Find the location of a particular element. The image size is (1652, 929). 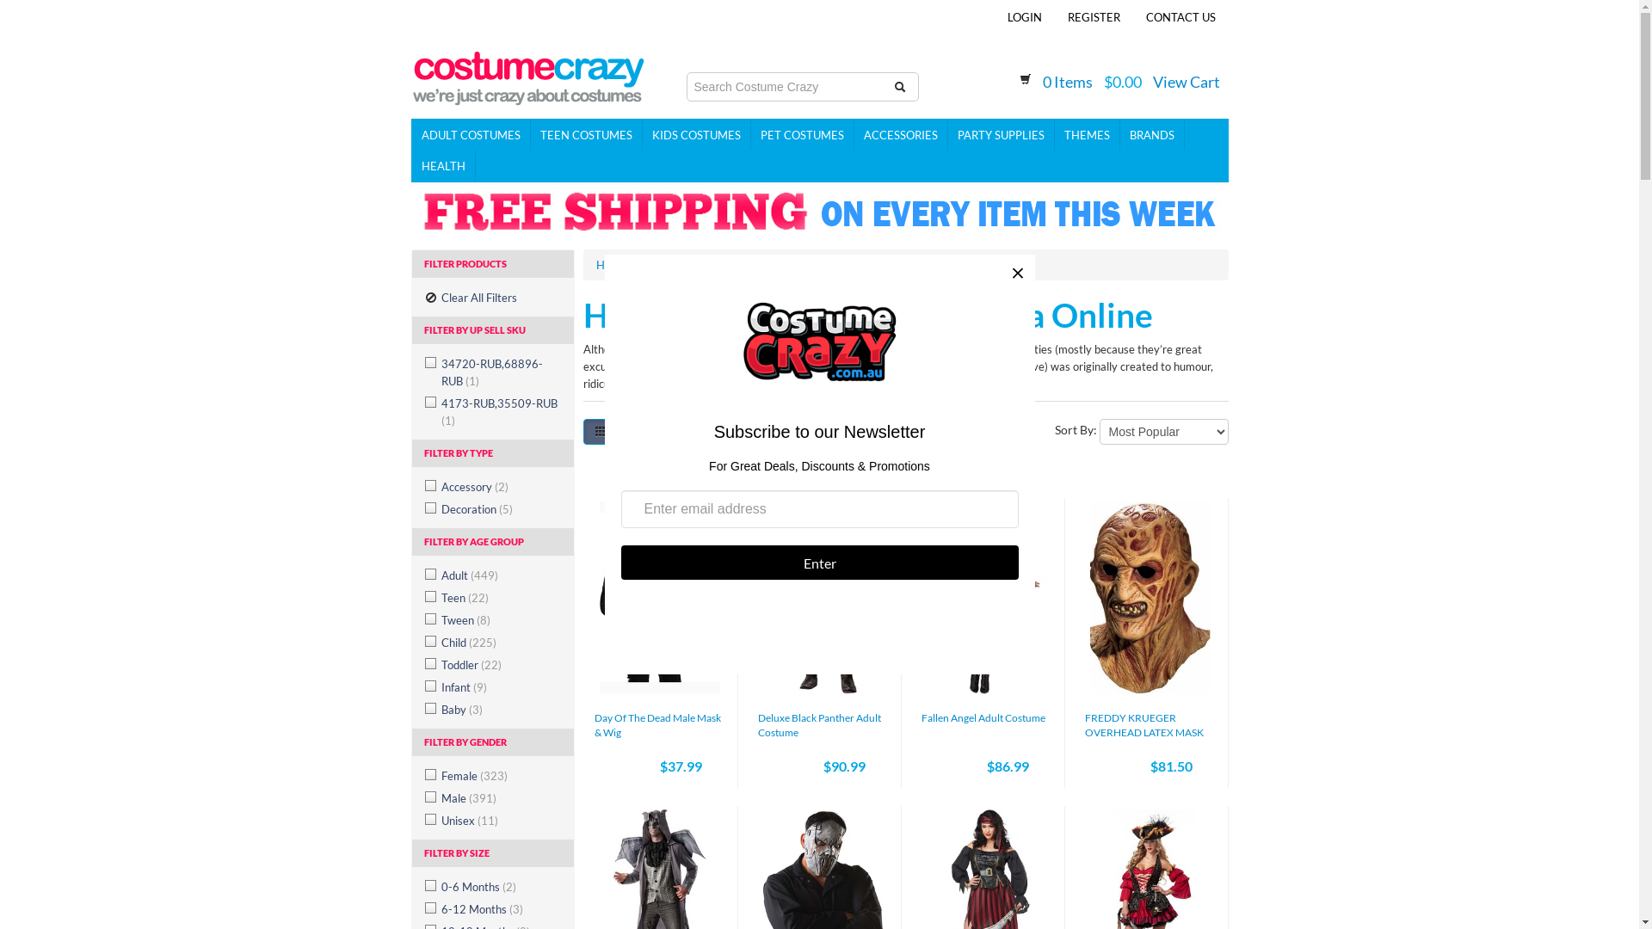

'0 Items' is located at coordinates (1067, 82).